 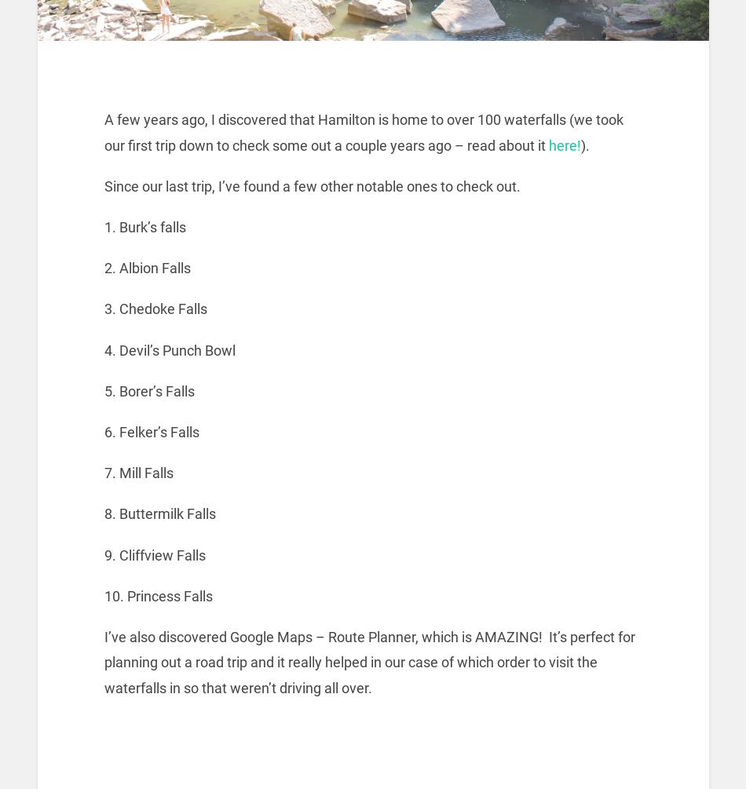 What do you see at coordinates (549, 144) in the screenshot?
I see `'here!'` at bounding box center [549, 144].